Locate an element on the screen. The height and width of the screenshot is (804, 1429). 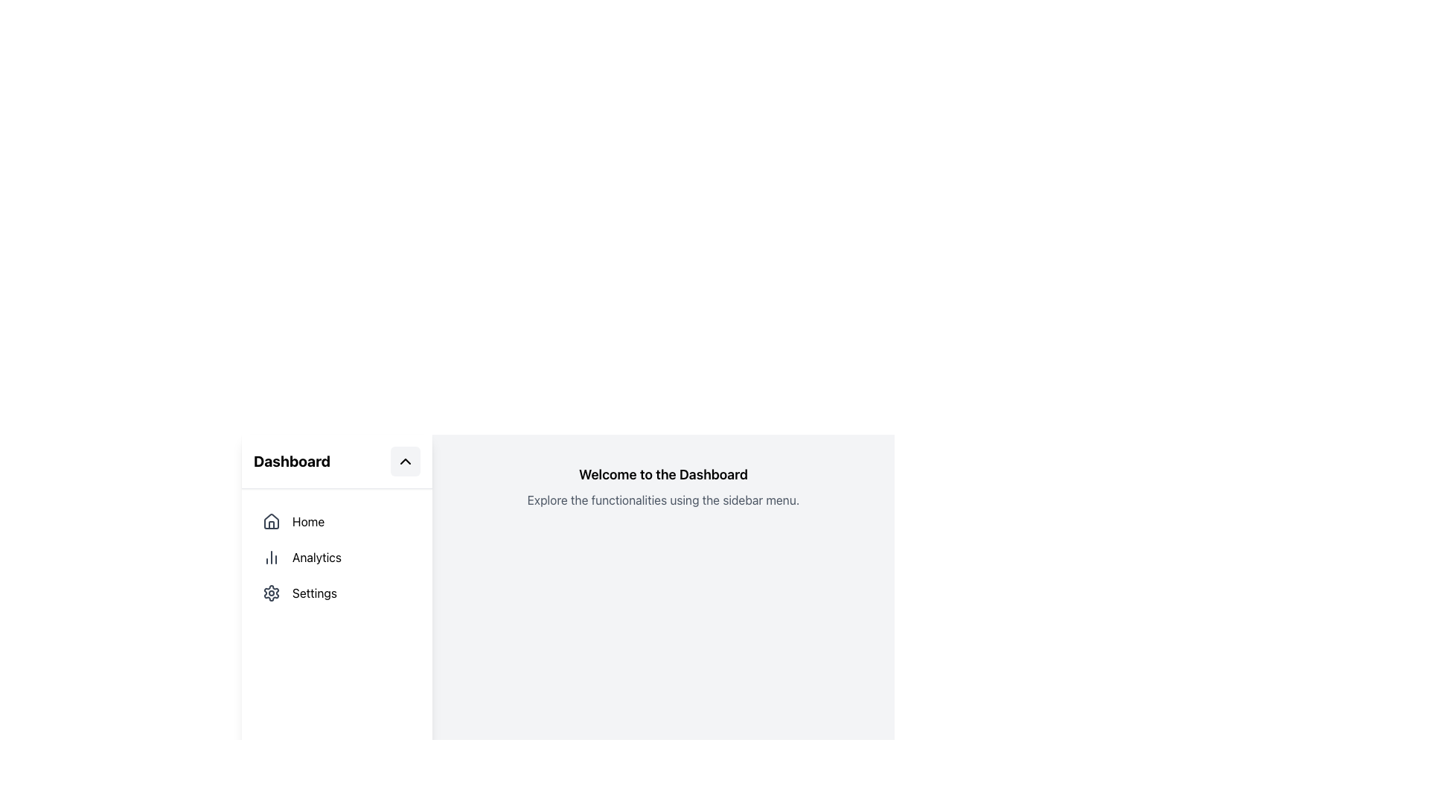
the second item in the vertical list of the navigation menu, which is the 'Analytics' section, to activate the hover style is located at coordinates (336, 557).